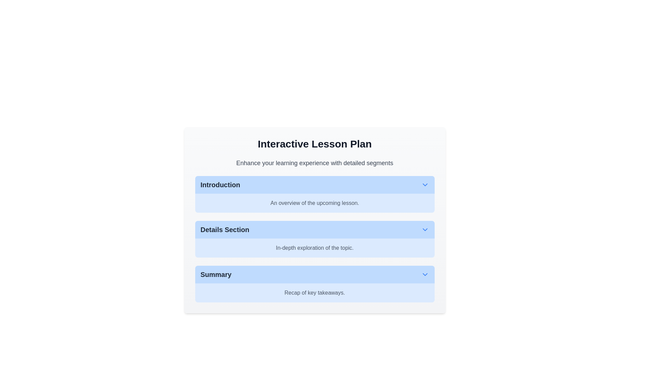  Describe the element at coordinates (314, 292) in the screenshot. I see `the static text element that contains the text 'Recap of key takeaways.' styled with a light gray font on a light blue background, located under the 'Summary' section` at that location.